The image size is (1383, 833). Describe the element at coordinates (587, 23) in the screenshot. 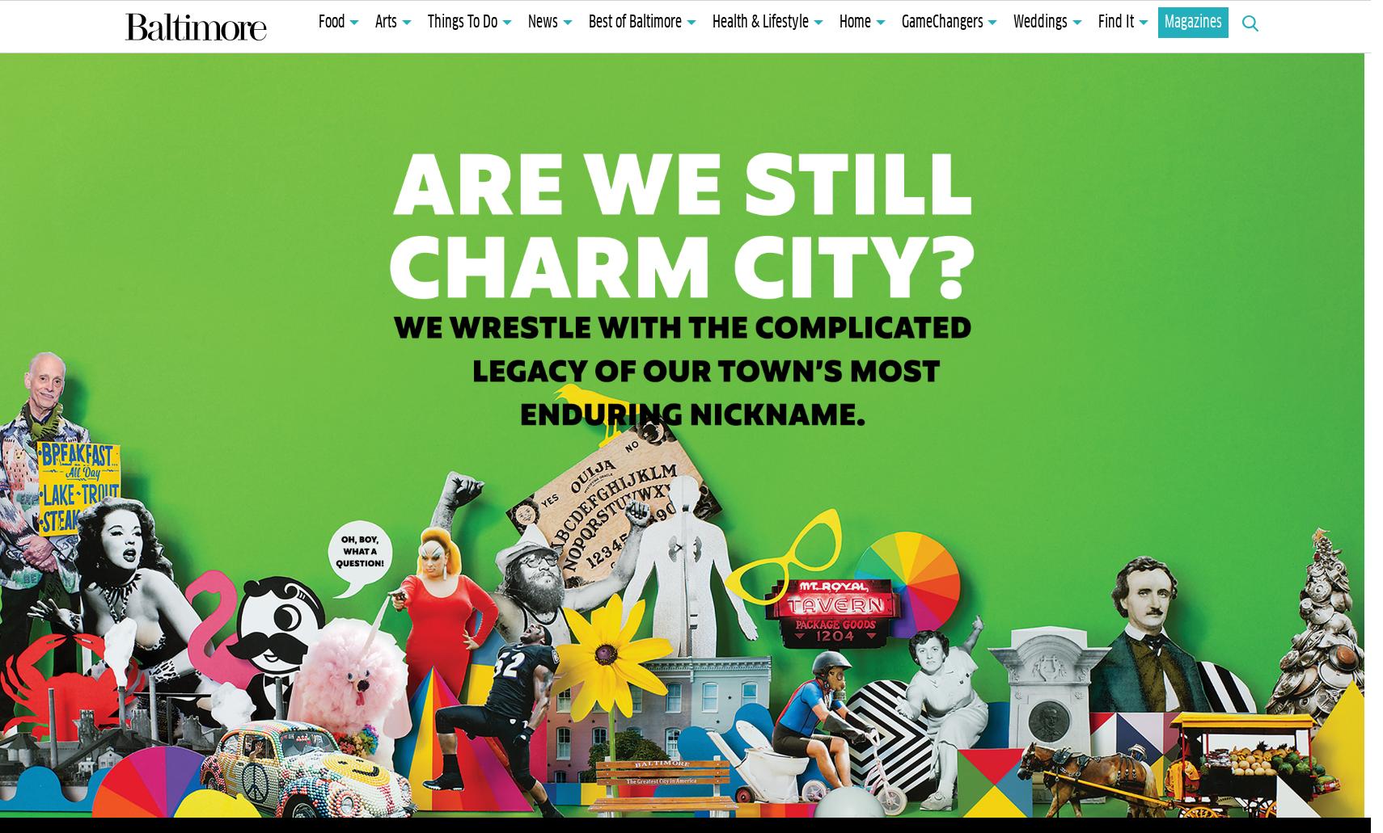

I see `'Best of Baltimore'` at that location.